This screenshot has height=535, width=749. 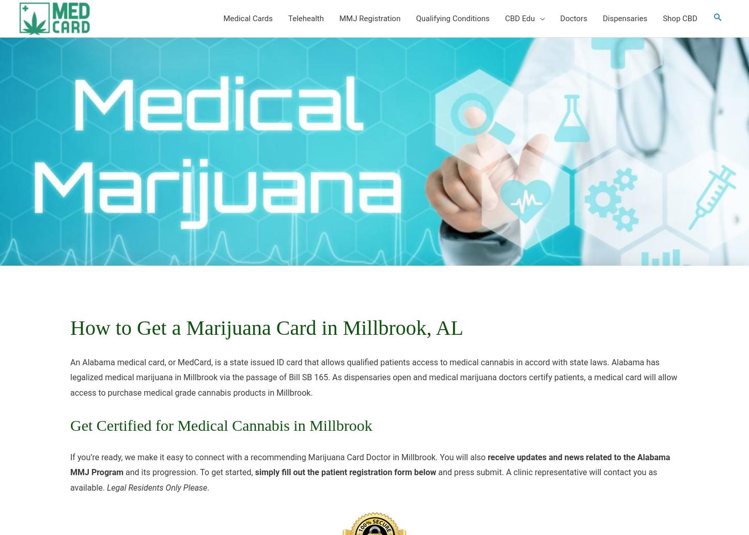 What do you see at coordinates (369, 464) in the screenshot?
I see `'receive updates and news related to the Alabama MMJ Program'` at bounding box center [369, 464].